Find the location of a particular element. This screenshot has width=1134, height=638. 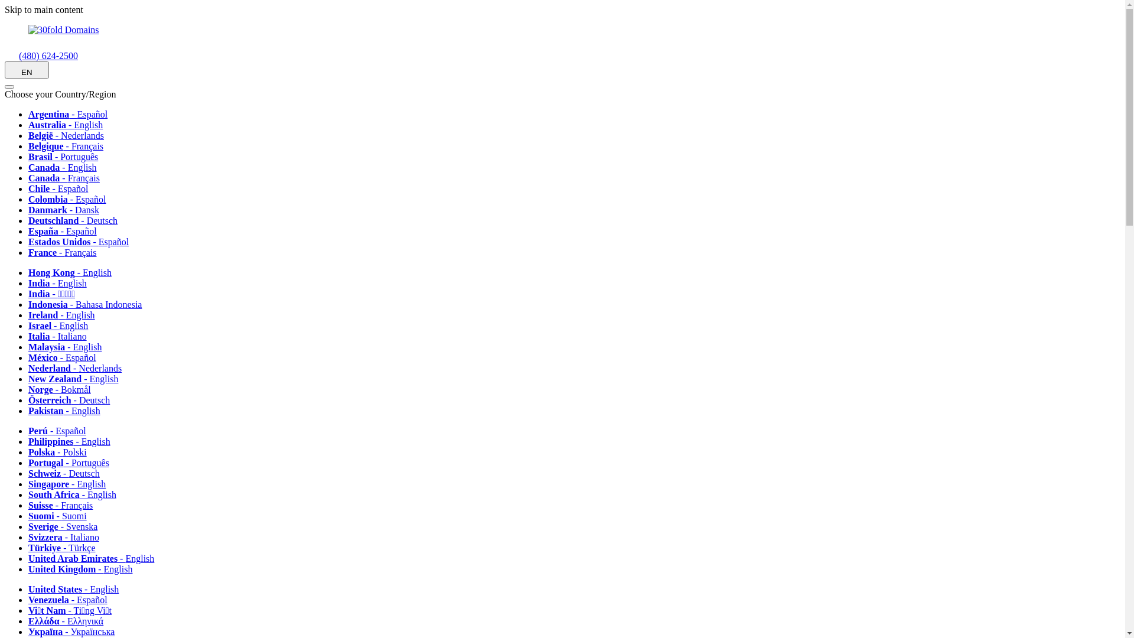

'Pakistan - English' is located at coordinates (67, 410).